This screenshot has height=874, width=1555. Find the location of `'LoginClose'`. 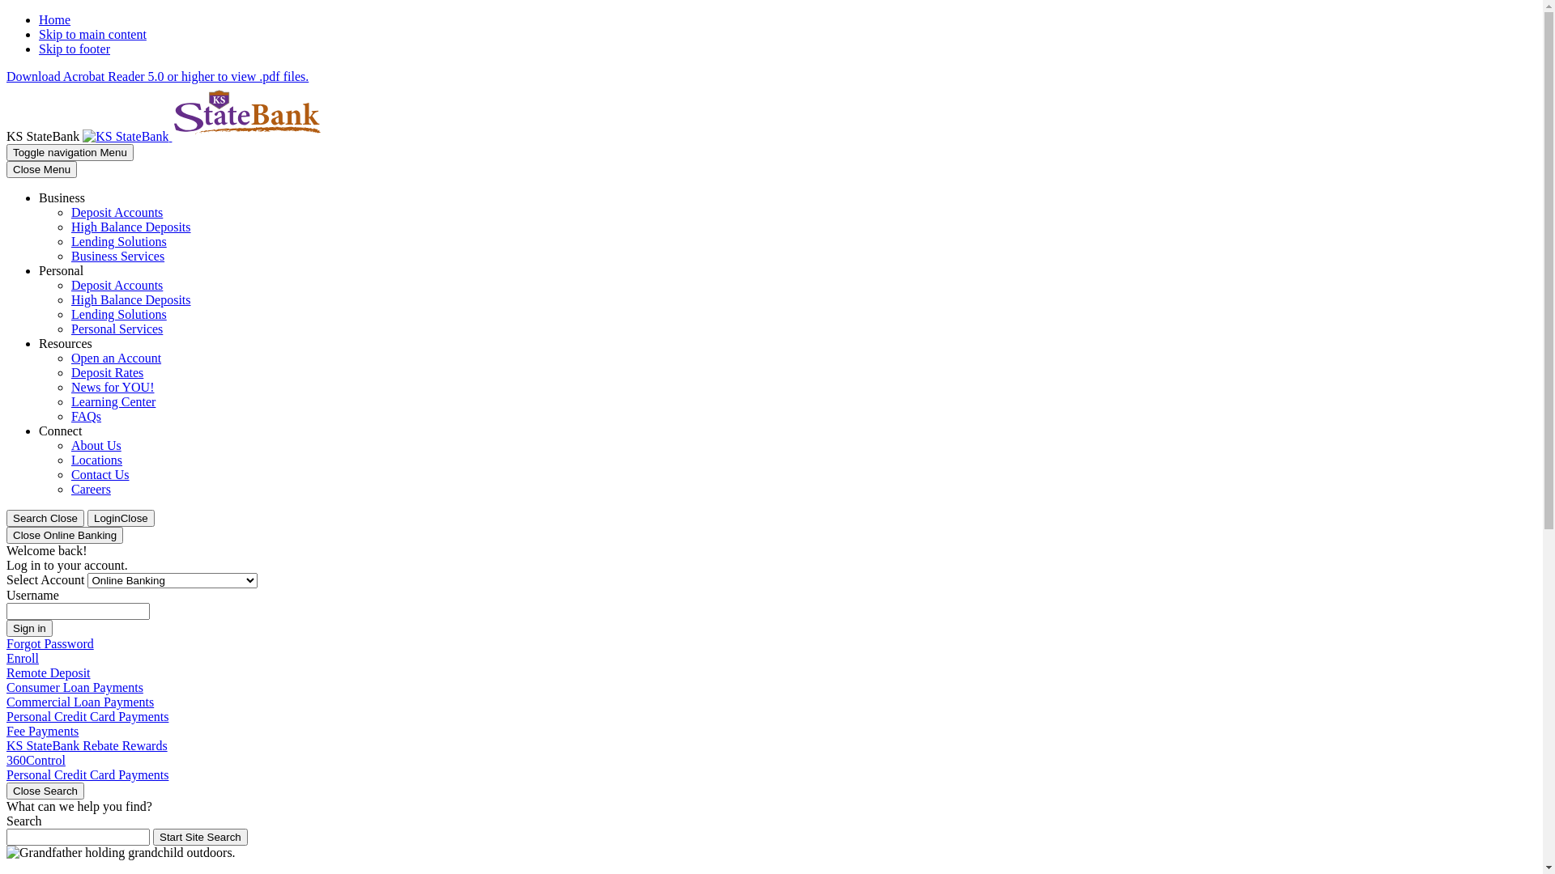

'LoginClose' is located at coordinates (120, 518).